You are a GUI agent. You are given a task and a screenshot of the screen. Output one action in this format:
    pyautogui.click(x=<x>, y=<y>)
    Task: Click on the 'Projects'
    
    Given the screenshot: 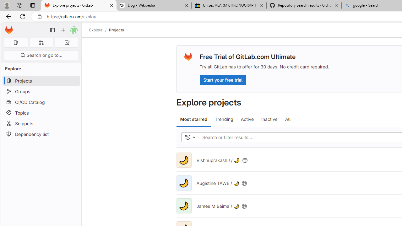 What is the action you would take?
    pyautogui.click(x=117, y=30)
    